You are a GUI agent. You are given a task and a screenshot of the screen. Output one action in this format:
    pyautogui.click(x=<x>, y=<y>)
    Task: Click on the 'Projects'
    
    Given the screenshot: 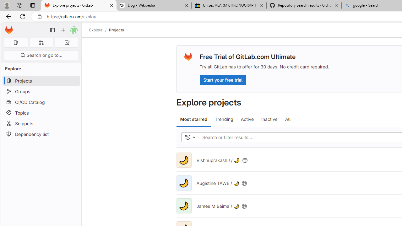 What is the action you would take?
    pyautogui.click(x=117, y=30)
    